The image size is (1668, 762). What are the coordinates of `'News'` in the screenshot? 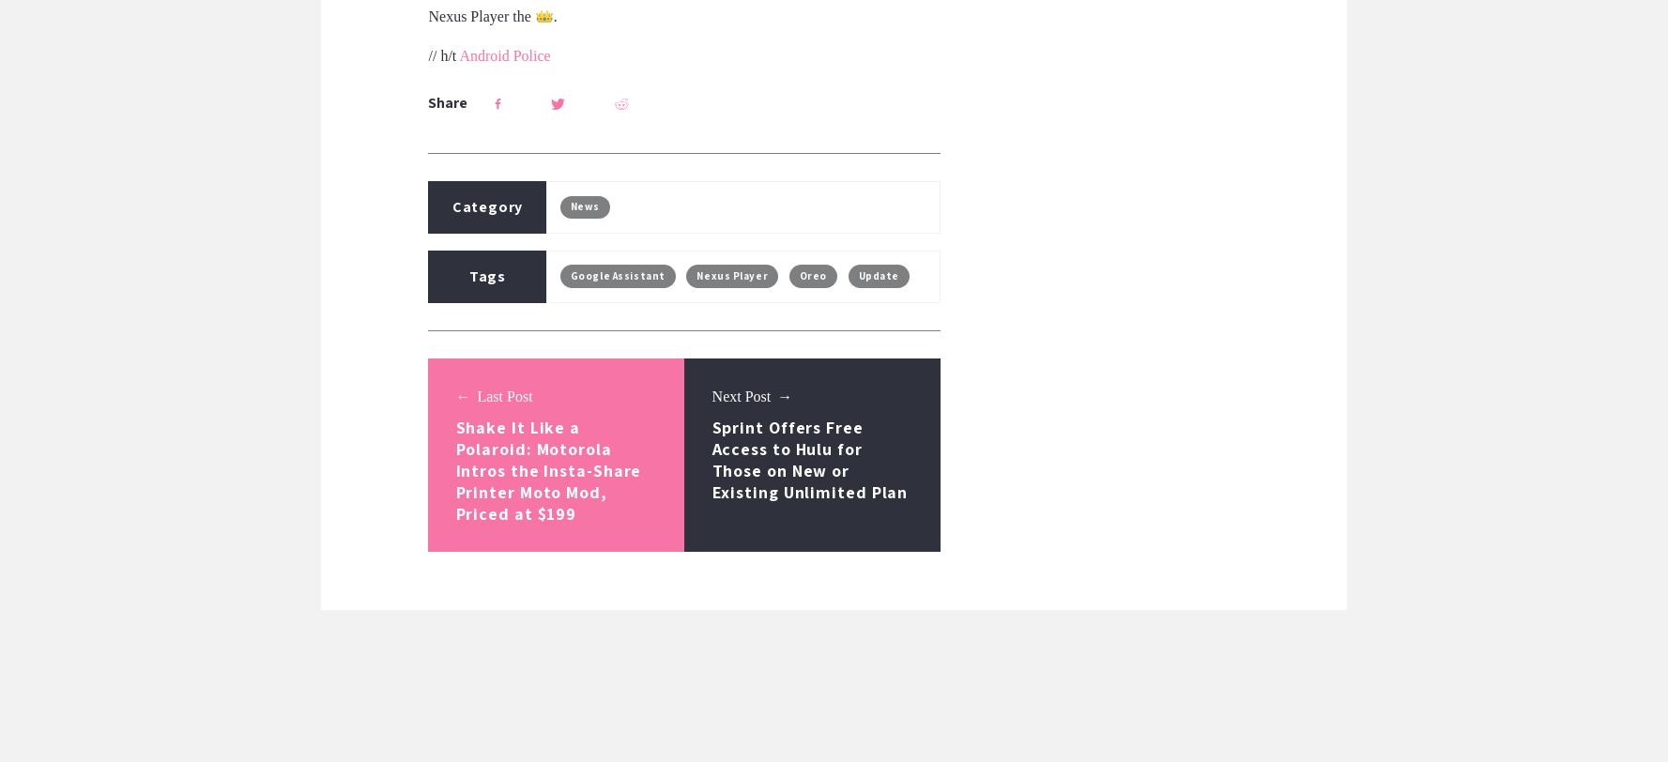 It's located at (585, 205).